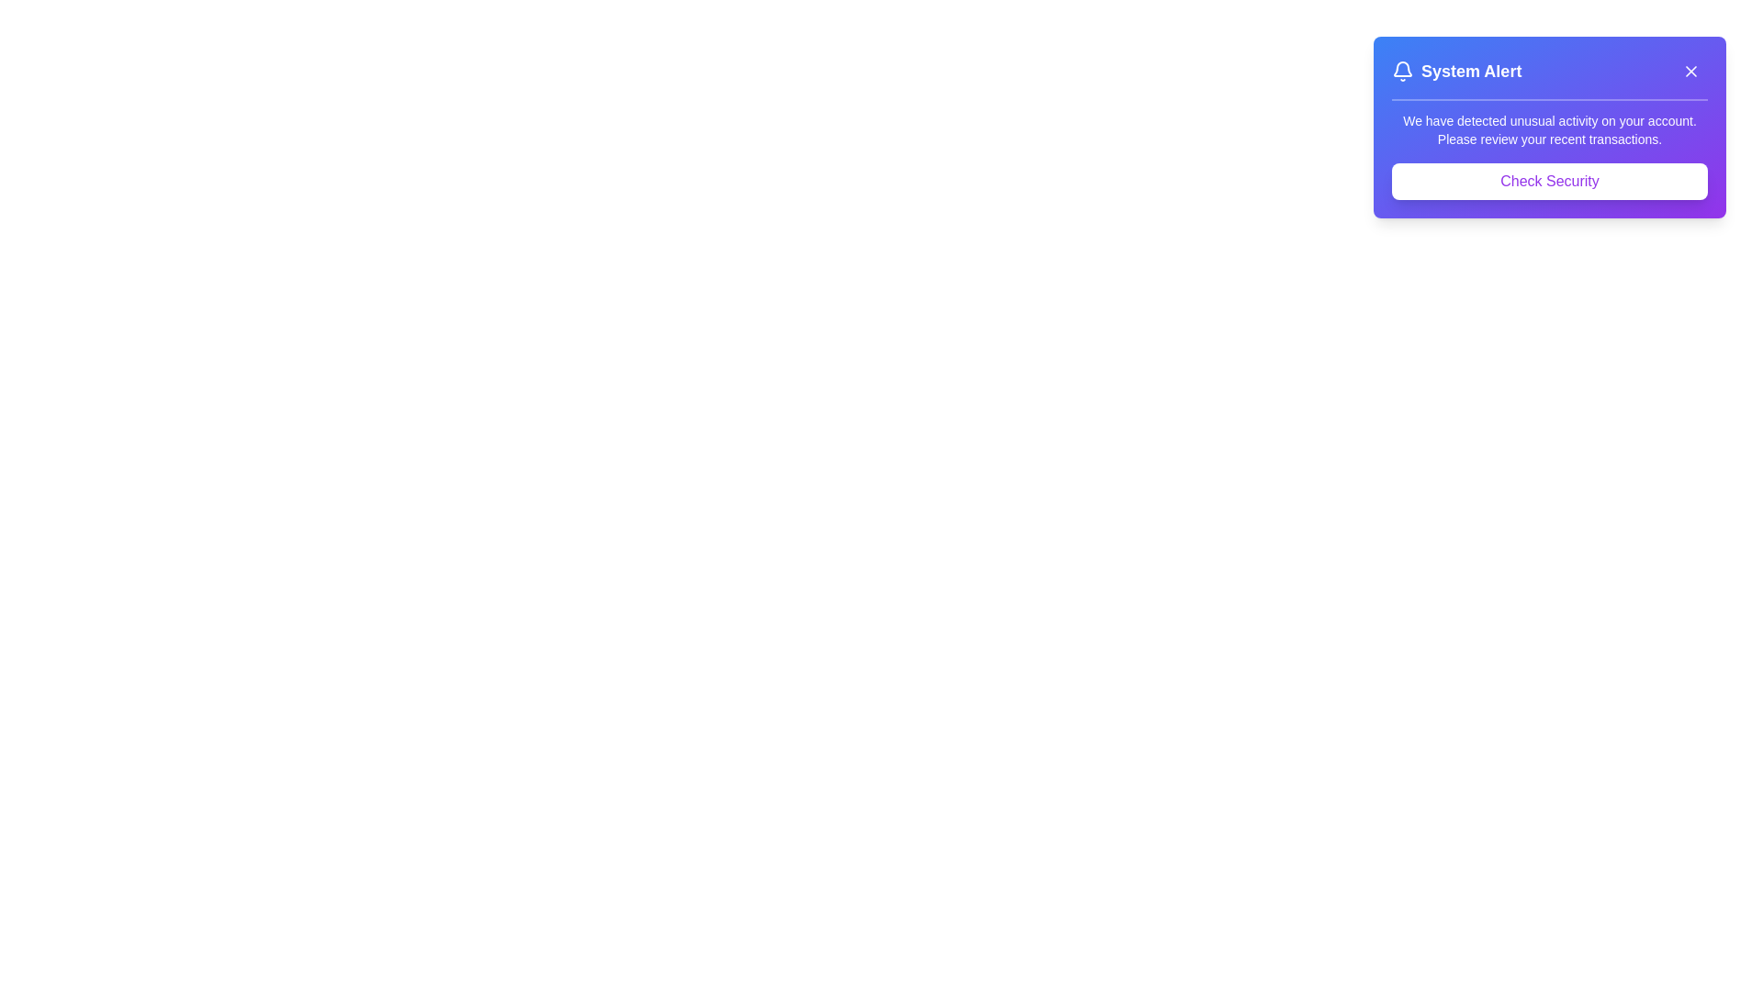 The image size is (1763, 991). What do you see at coordinates (1392, 112) in the screenshot?
I see `the text in the alert banner for copying` at bounding box center [1392, 112].